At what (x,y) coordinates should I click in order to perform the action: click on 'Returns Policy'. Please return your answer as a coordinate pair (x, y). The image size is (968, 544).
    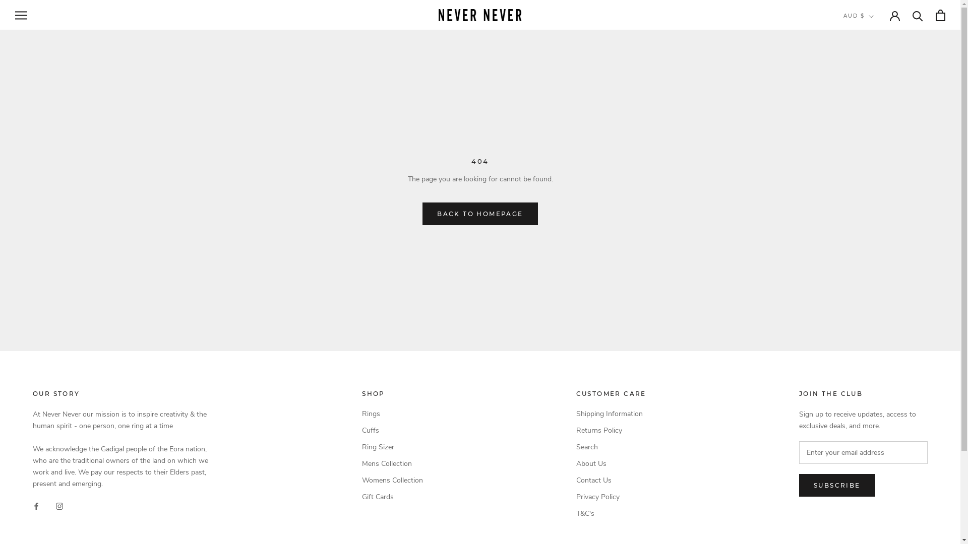
    Looking at the image, I should click on (611, 430).